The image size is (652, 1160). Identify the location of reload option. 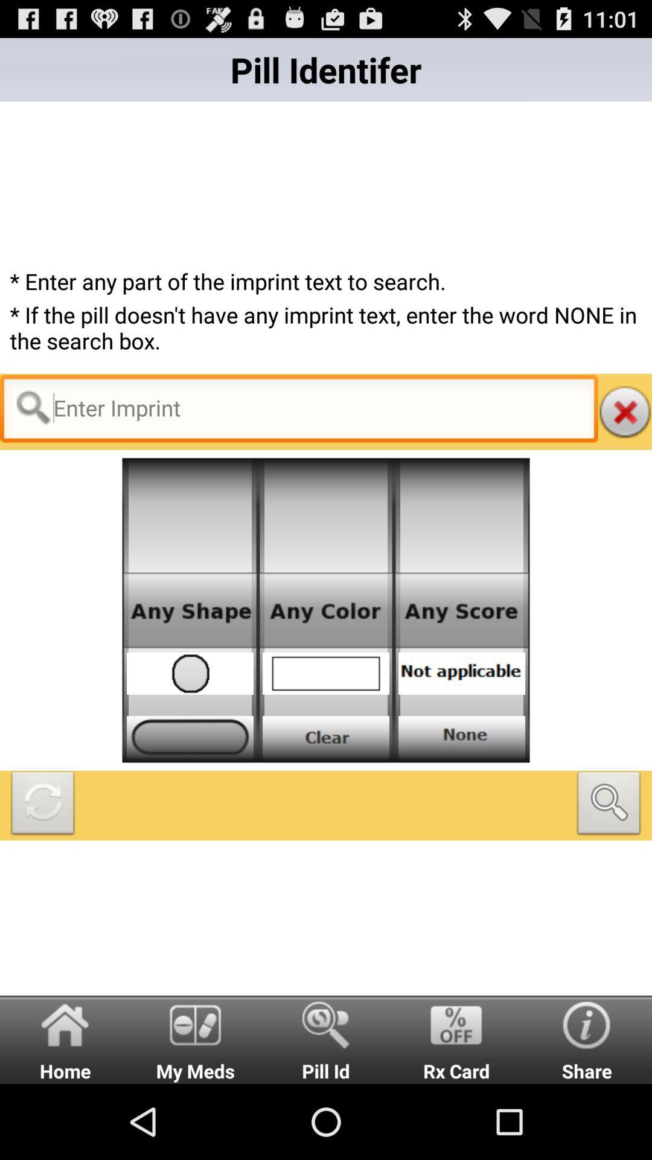
(42, 805).